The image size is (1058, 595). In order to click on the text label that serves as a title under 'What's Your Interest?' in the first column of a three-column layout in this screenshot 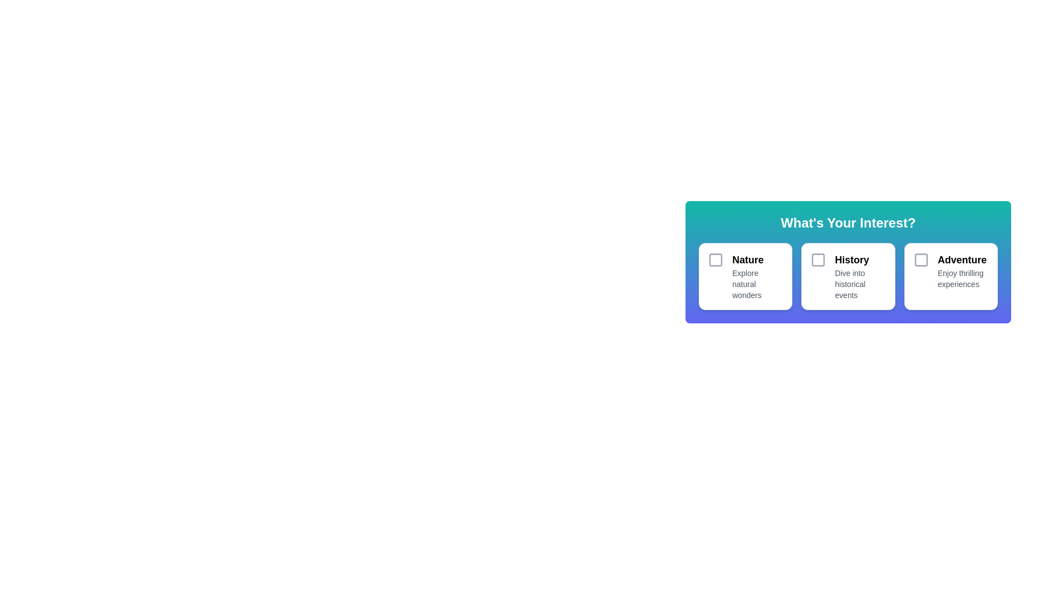, I will do `click(757, 259)`.